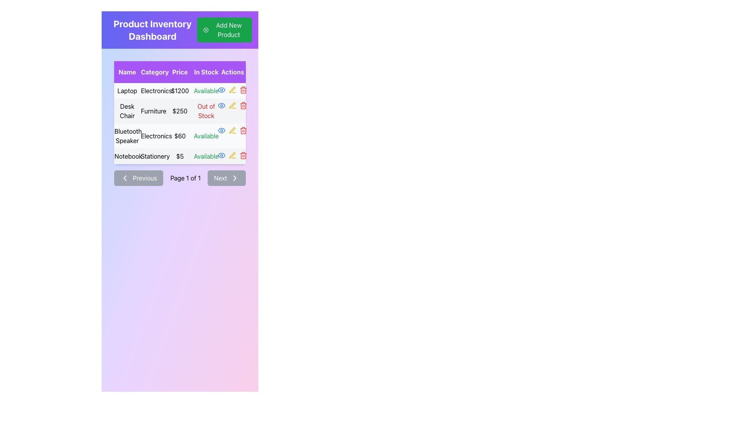 This screenshot has height=421, width=748. Describe the element at coordinates (221, 90) in the screenshot. I see `the eye icon in the actions column of the Desk Chair product entry in the inventory table` at that location.